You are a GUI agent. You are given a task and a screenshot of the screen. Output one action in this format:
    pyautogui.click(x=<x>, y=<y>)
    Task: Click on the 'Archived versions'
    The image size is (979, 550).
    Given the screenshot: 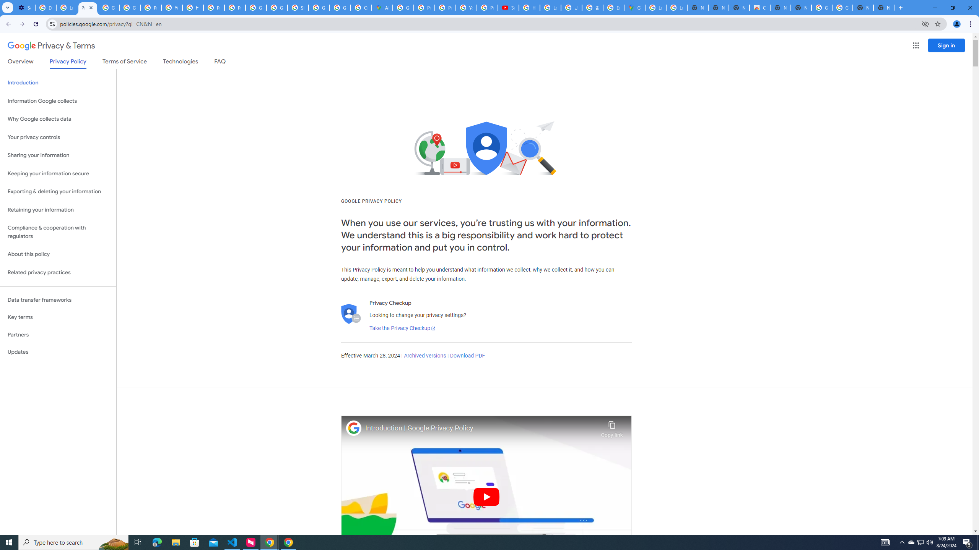 What is the action you would take?
    pyautogui.click(x=424, y=355)
    